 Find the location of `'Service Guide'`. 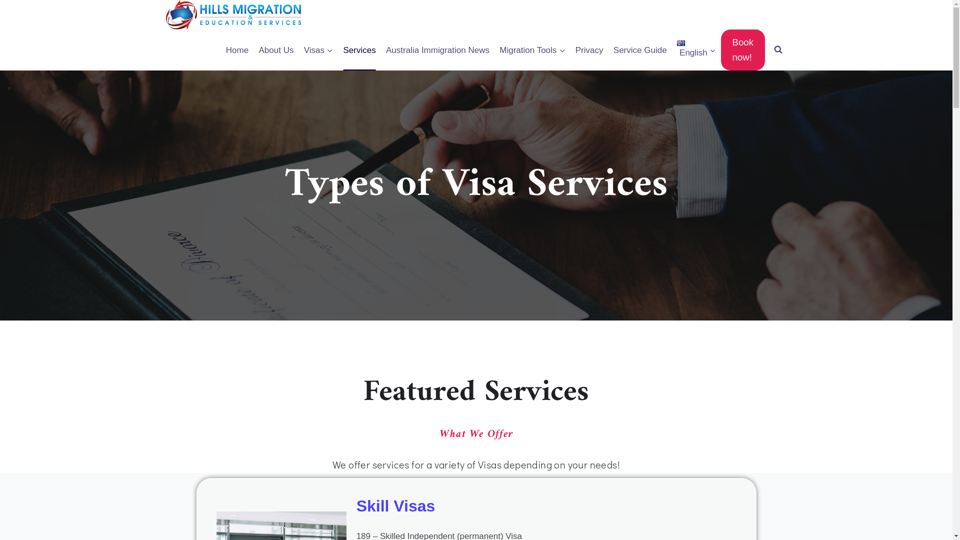

'Service Guide' is located at coordinates (640, 50).